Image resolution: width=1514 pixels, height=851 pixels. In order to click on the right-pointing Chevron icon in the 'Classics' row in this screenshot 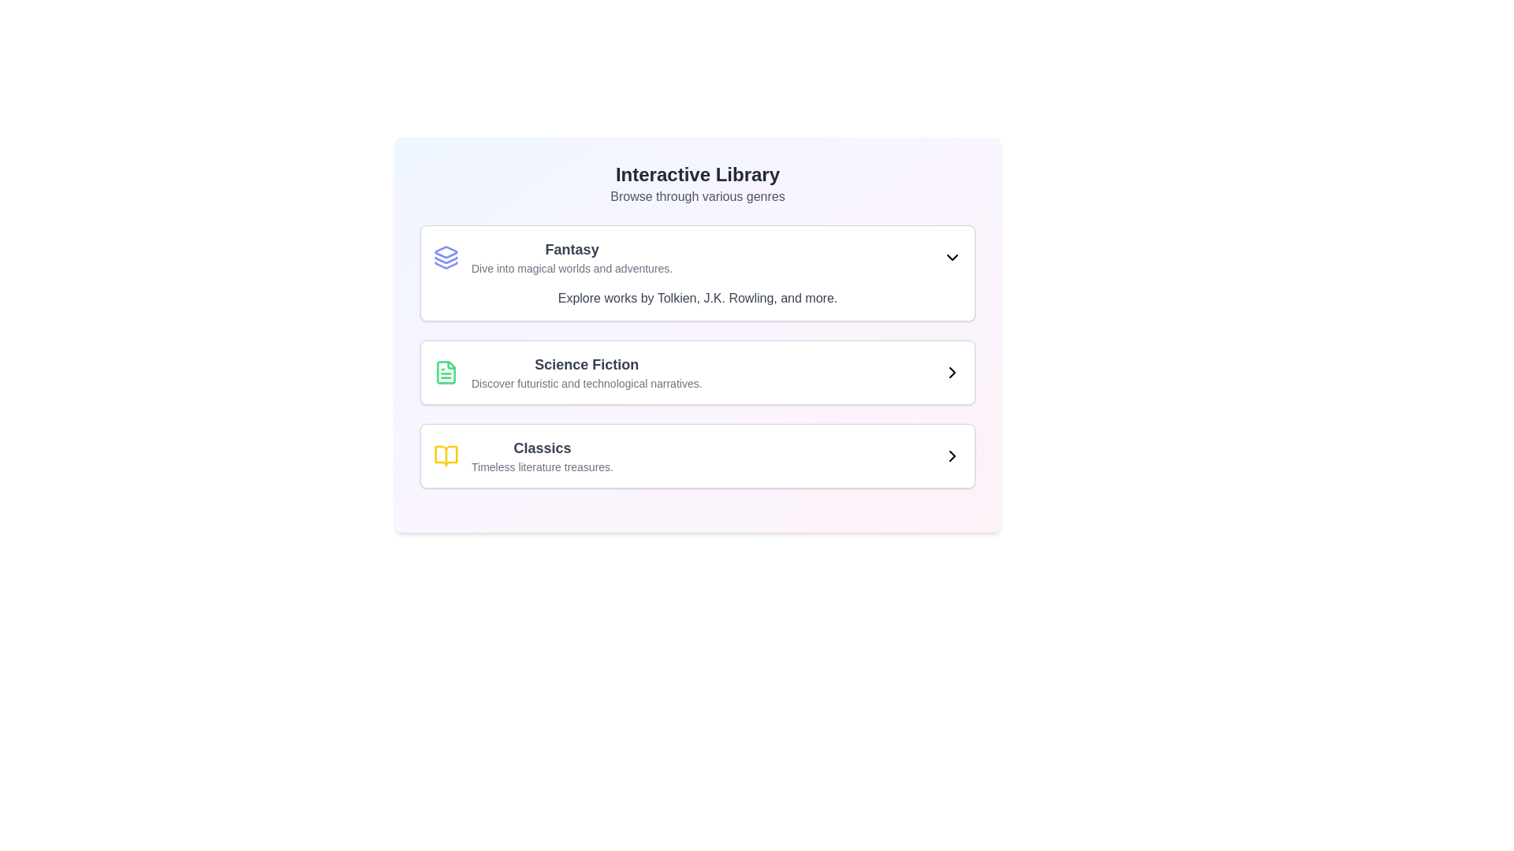, I will do `click(952, 455)`.